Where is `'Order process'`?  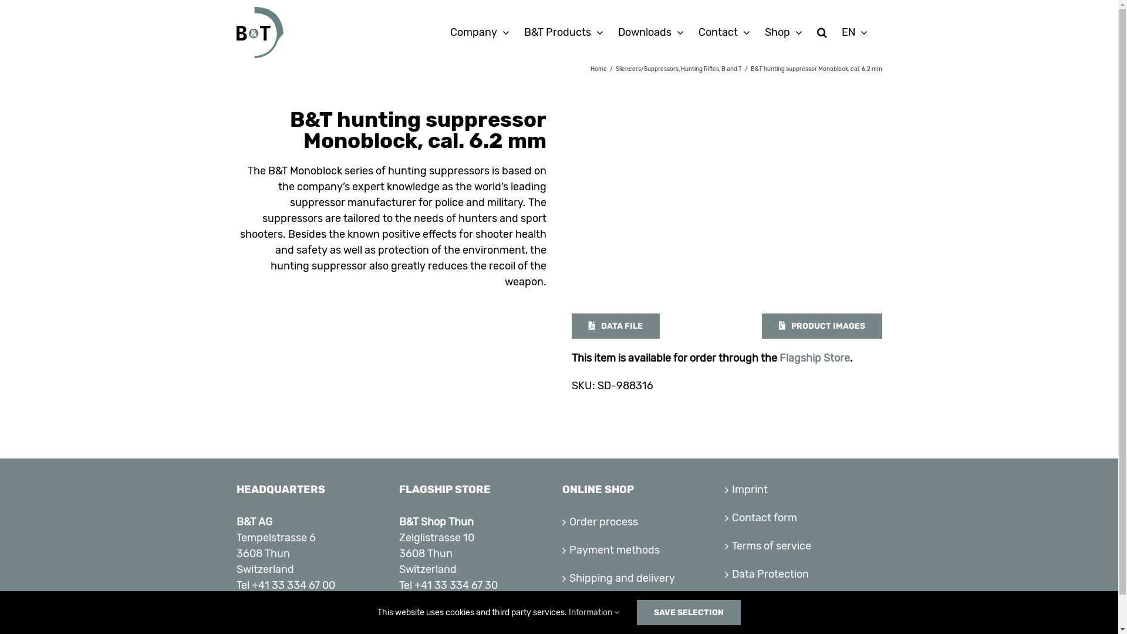 'Order process' is located at coordinates (641, 521).